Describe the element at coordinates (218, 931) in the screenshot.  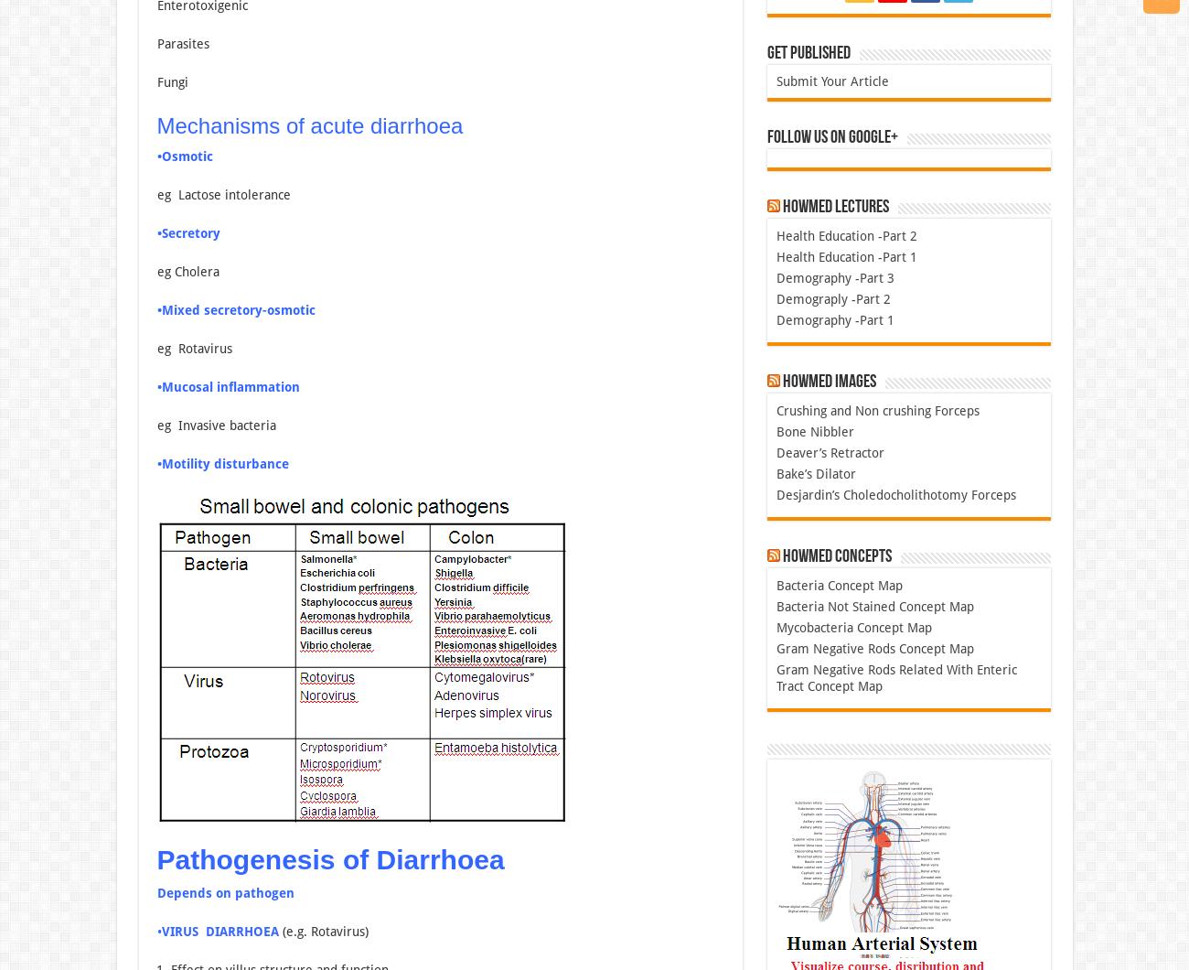
I see `'VIRUS  DIARRHOEA'` at that location.